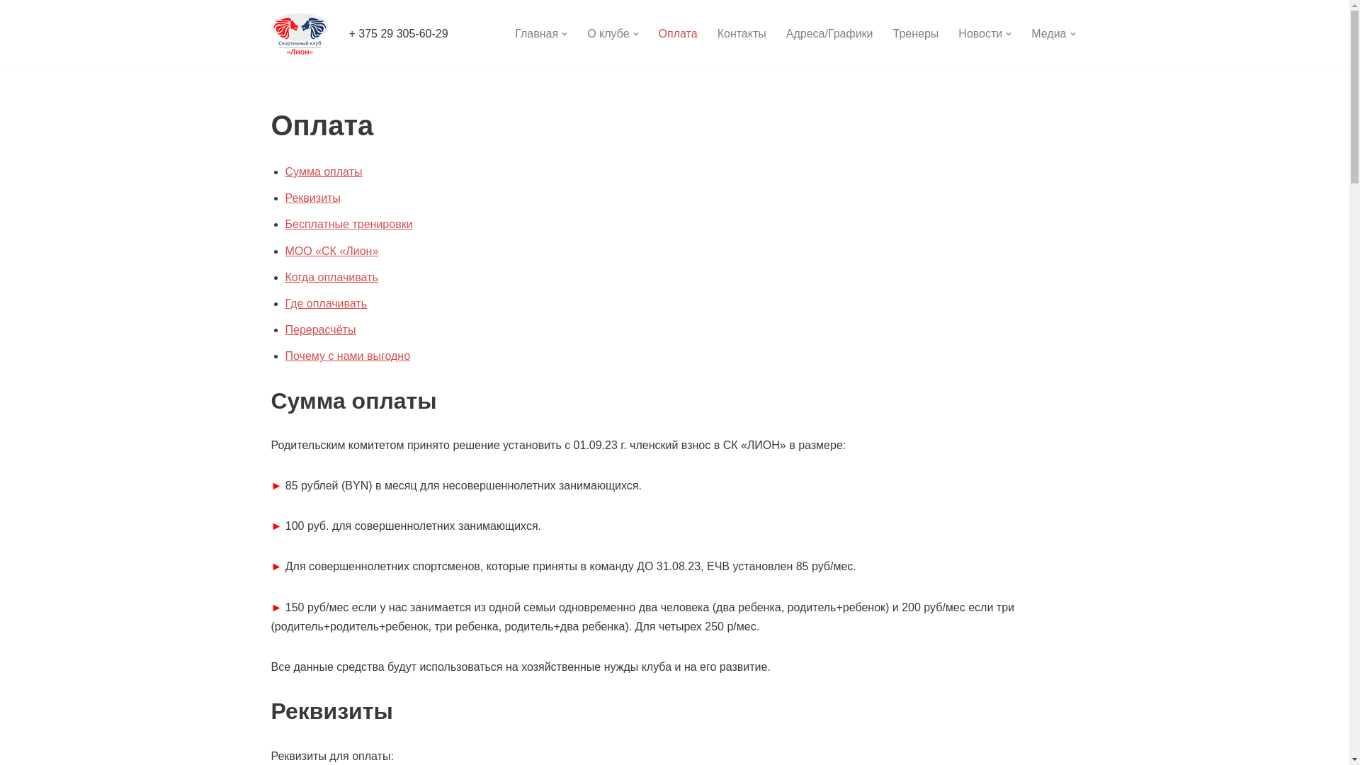 The height and width of the screenshot is (765, 1360). I want to click on '+ 375 29 305-60-29', so click(397, 33).